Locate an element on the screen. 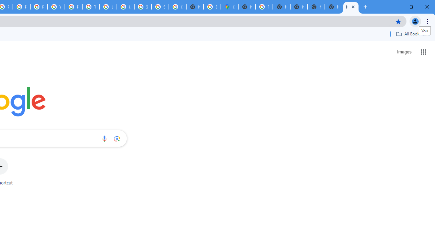  'Tips & tricks for Chrome - Google Chrome Help' is located at coordinates (90, 7).